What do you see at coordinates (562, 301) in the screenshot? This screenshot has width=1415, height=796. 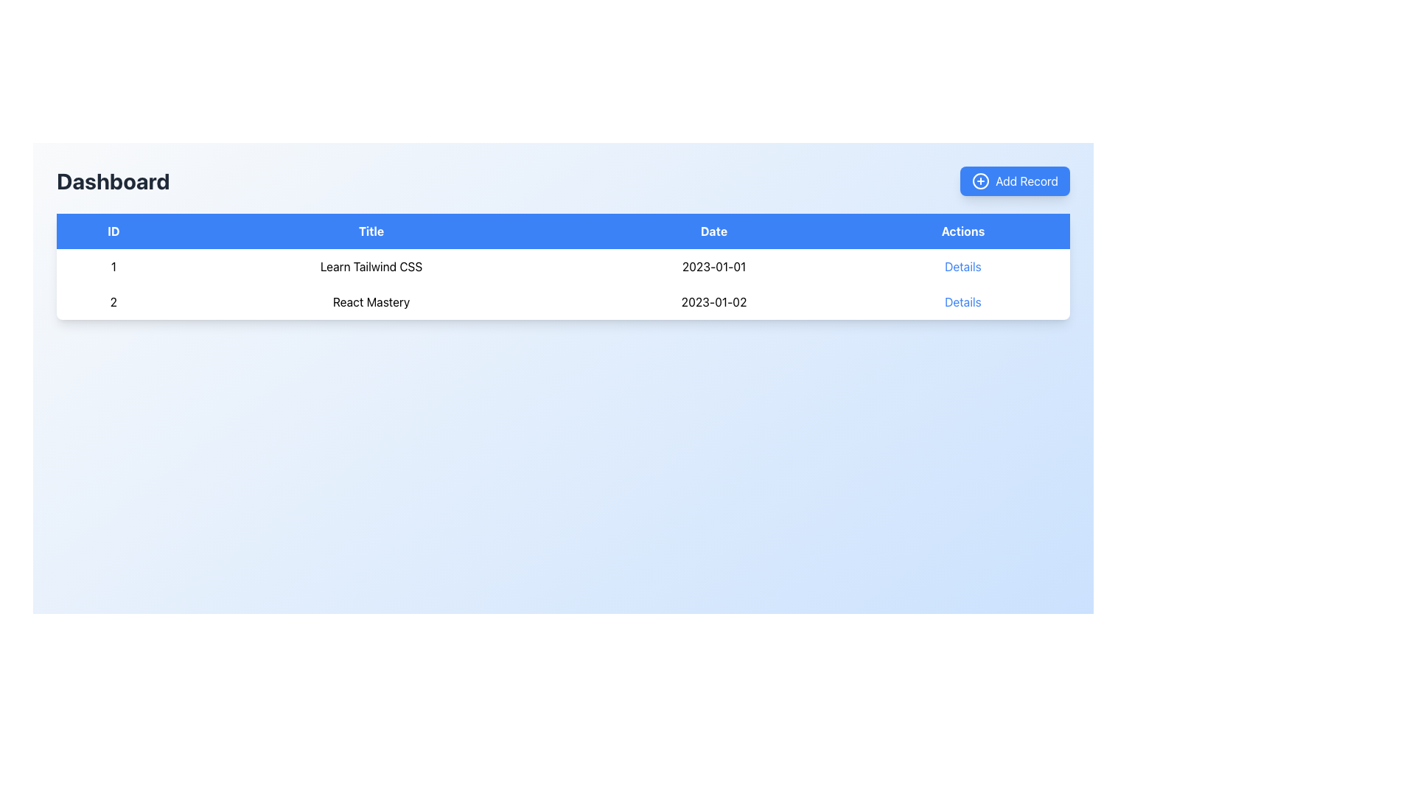 I see `the second table row that summarizes information about a specific lesson, located below the 'Learn Tailwind CSS' row` at bounding box center [562, 301].